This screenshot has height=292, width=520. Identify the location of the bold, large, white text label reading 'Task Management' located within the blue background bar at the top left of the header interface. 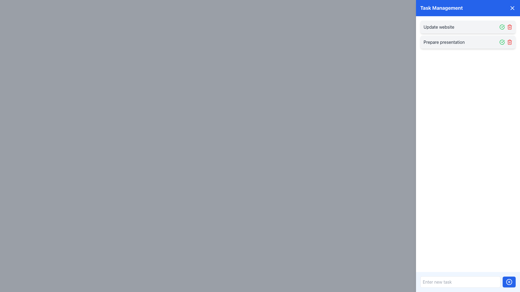
(441, 8).